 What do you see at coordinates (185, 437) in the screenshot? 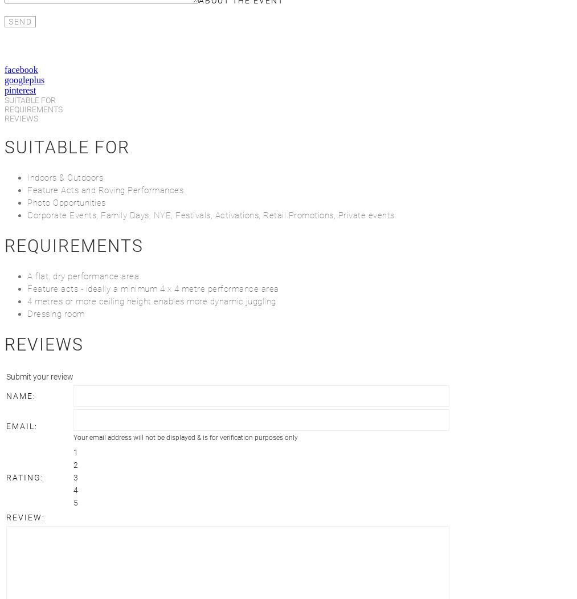
I see `'Your email address will not be displayed & is for verification purposes only'` at bounding box center [185, 437].